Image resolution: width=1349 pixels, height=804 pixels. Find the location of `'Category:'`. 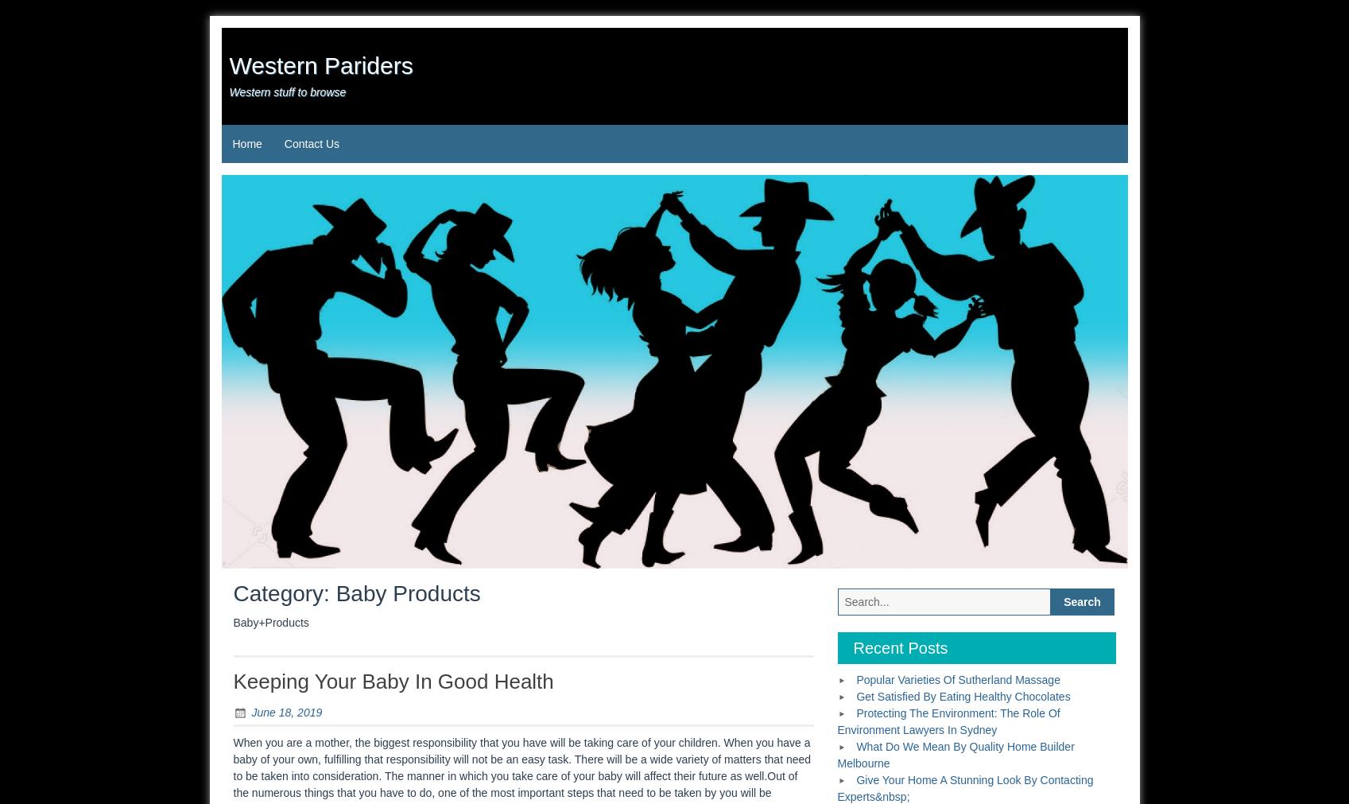

'Category:' is located at coordinates (284, 592).